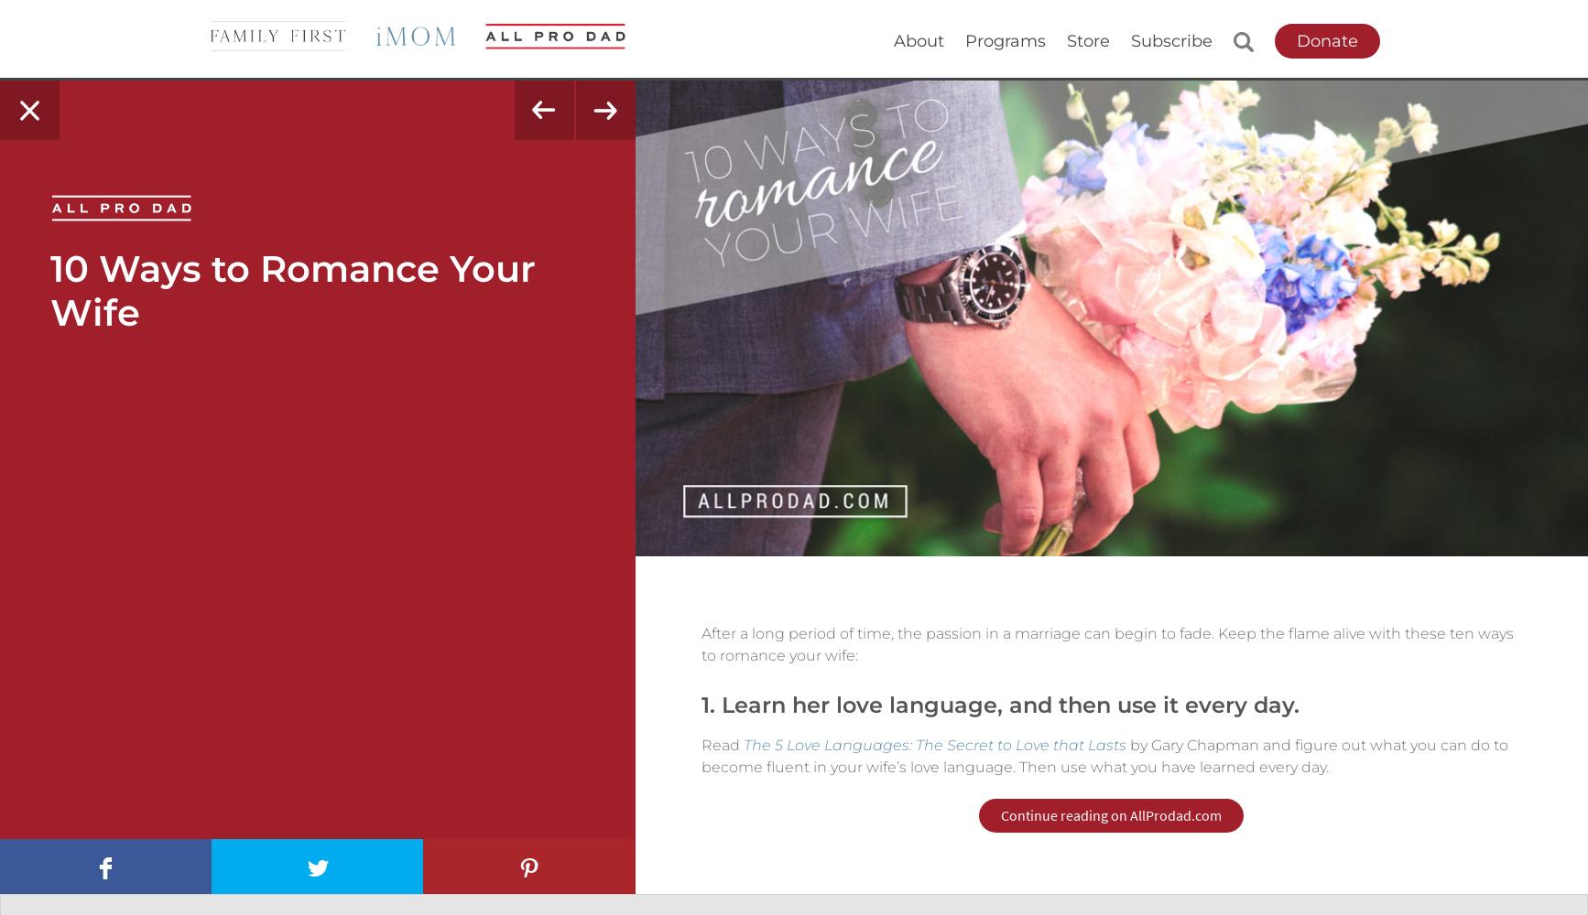  What do you see at coordinates (1107, 643) in the screenshot?
I see `'After a long period of time, the passion in a marriage can begin to fade. Keep the flame alive with these ten ways to romance your wife:'` at bounding box center [1107, 643].